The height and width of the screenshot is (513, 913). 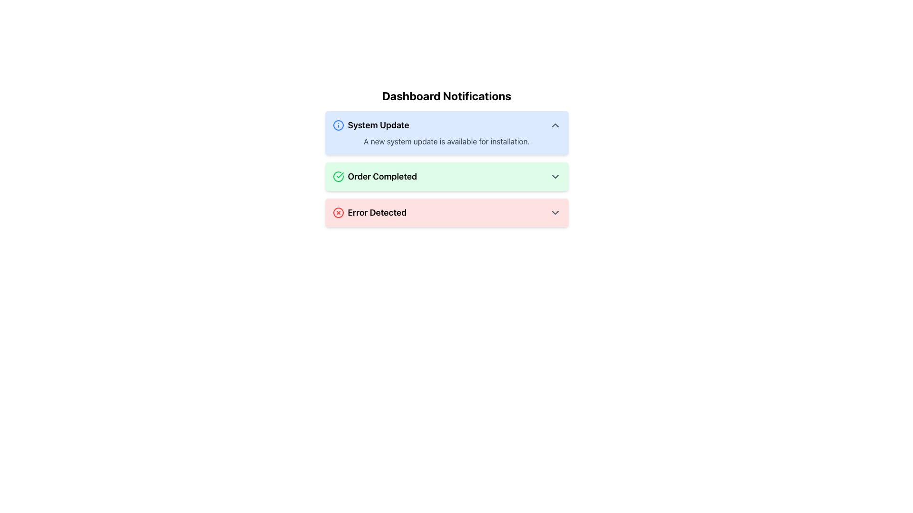 I want to click on the small circular blue icon with a white interior that resembles an information symbol, located to the left of the 'System Update' text, so click(x=338, y=124).